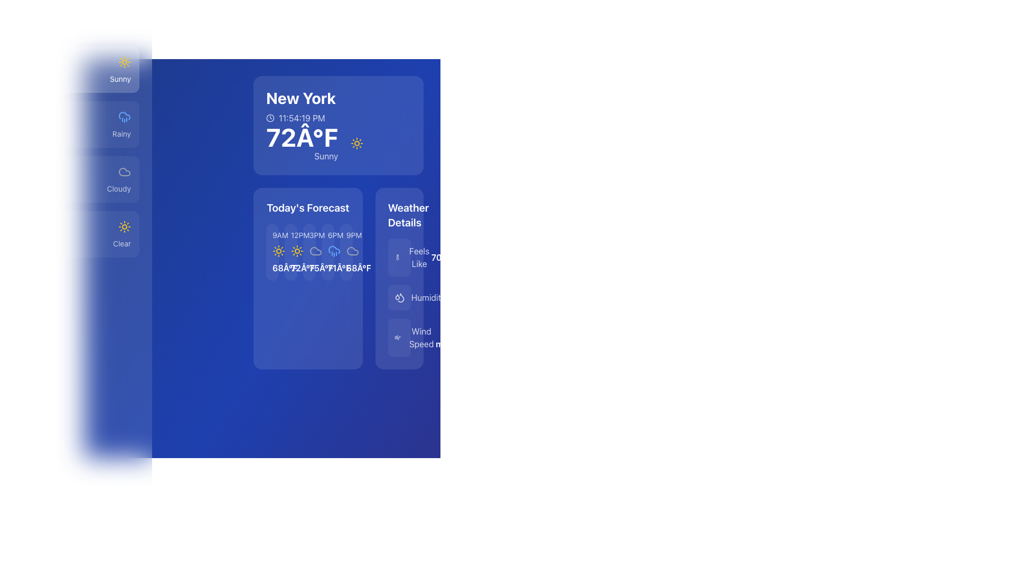 The height and width of the screenshot is (570, 1014). Describe the element at coordinates (346, 252) in the screenshot. I see `the weather information displayed on the Forecast Card for the 9PM forecast, which is located in the last column of the grid layout under 'Today's Forecast'` at that location.